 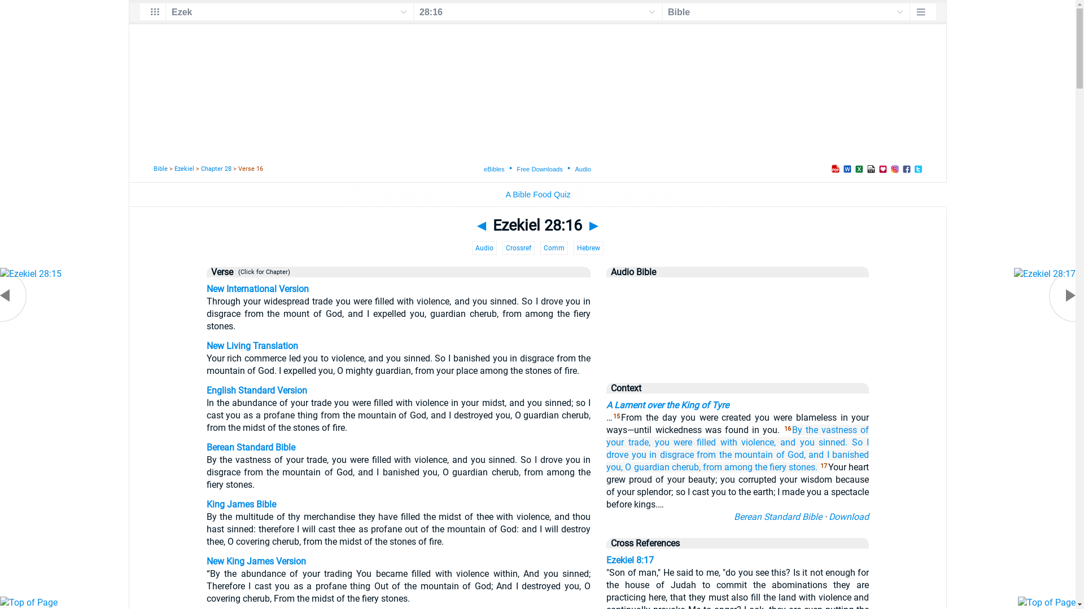 I want to click on 'Top of Page', so click(x=0, y=602).